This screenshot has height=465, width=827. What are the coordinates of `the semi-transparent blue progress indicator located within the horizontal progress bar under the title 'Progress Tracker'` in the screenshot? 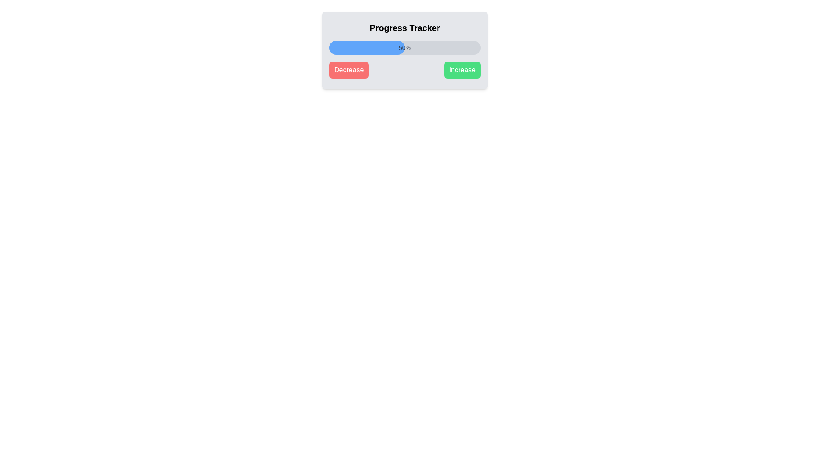 It's located at (367, 48).